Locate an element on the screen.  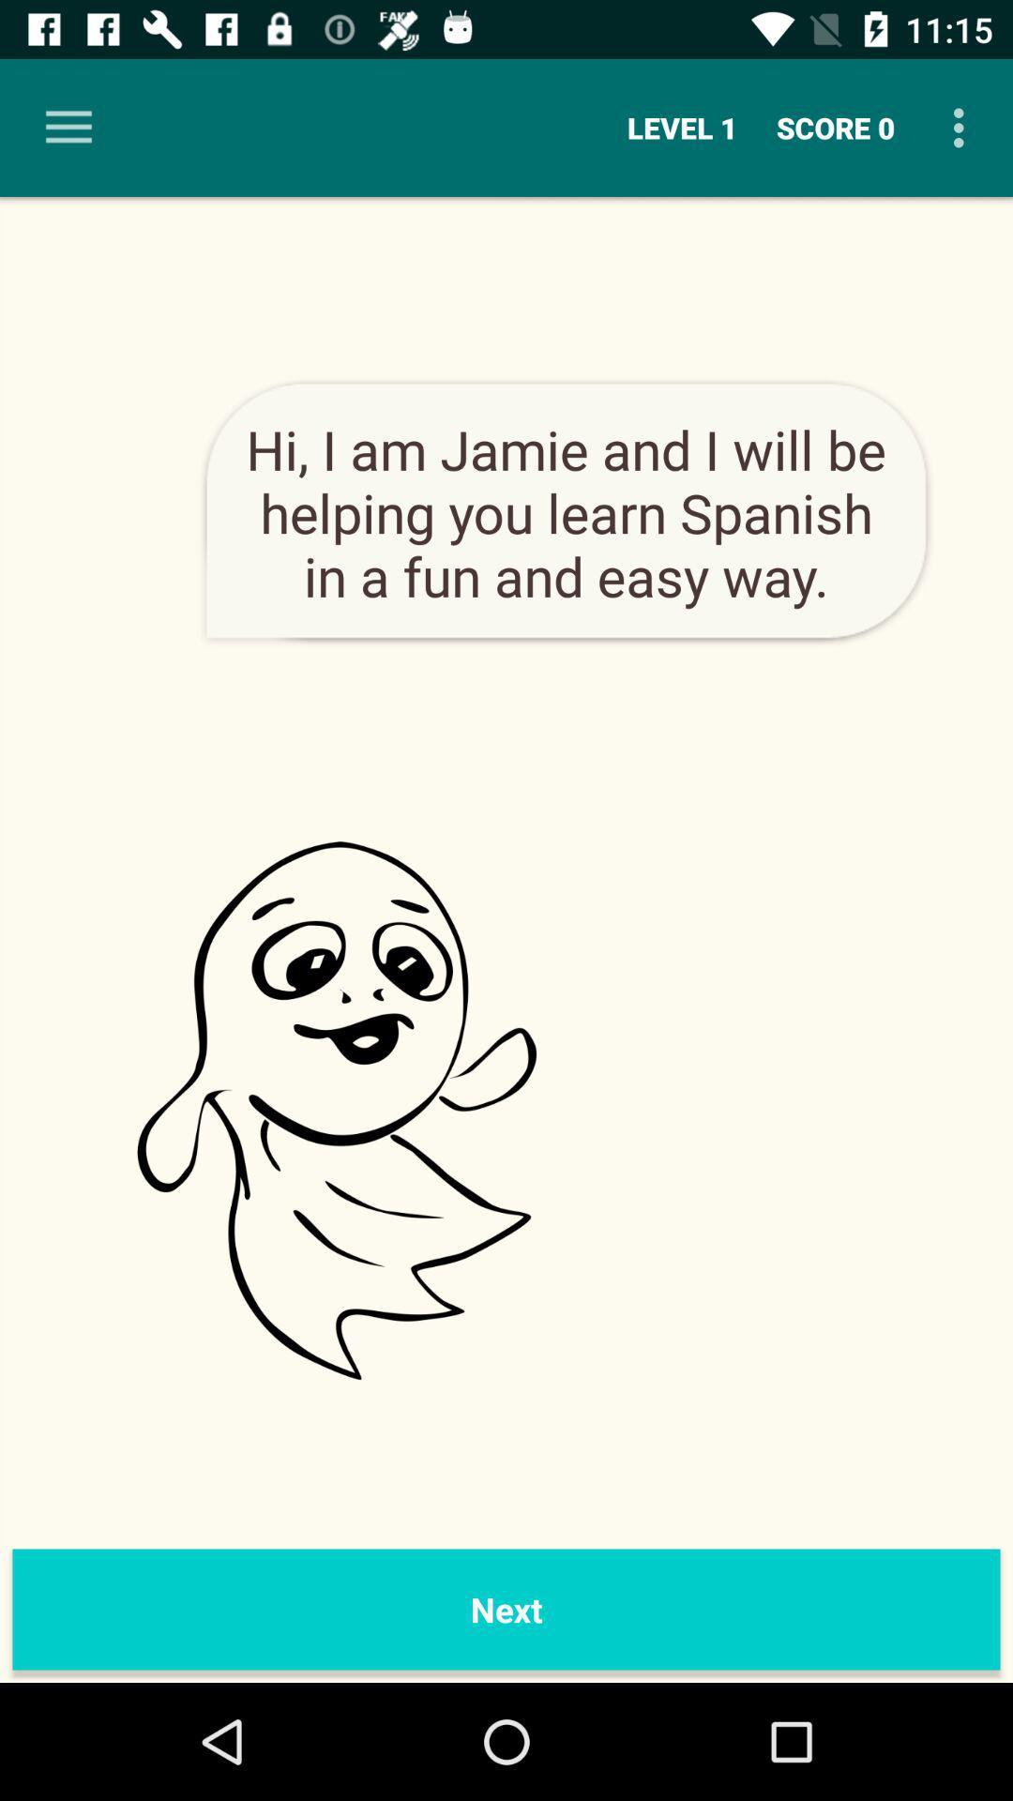
the item to the left of level 1 icon is located at coordinates (68, 127).